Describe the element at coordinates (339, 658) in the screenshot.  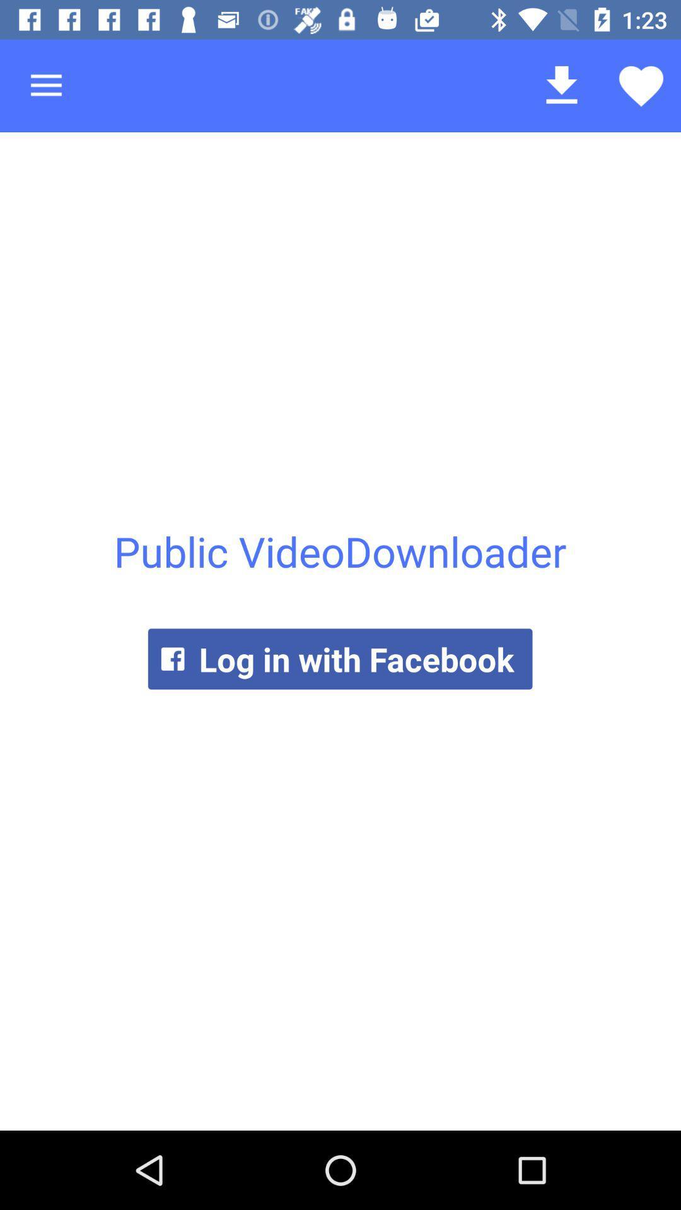
I see `the icon below the public videodownloader icon` at that location.